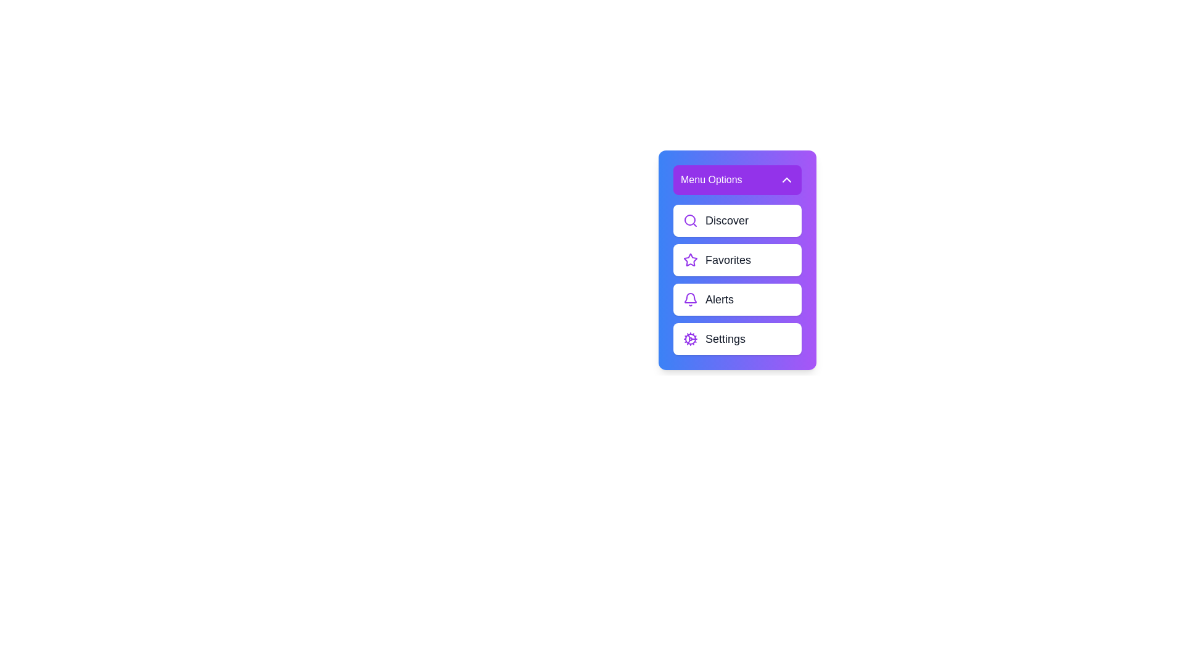 The width and height of the screenshot is (1184, 666). What do you see at coordinates (689, 259) in the screenshot?
I see `the star icon element styled with a purple color, located inside the 'Favorites' menu item` at bounding box center [689, 259].